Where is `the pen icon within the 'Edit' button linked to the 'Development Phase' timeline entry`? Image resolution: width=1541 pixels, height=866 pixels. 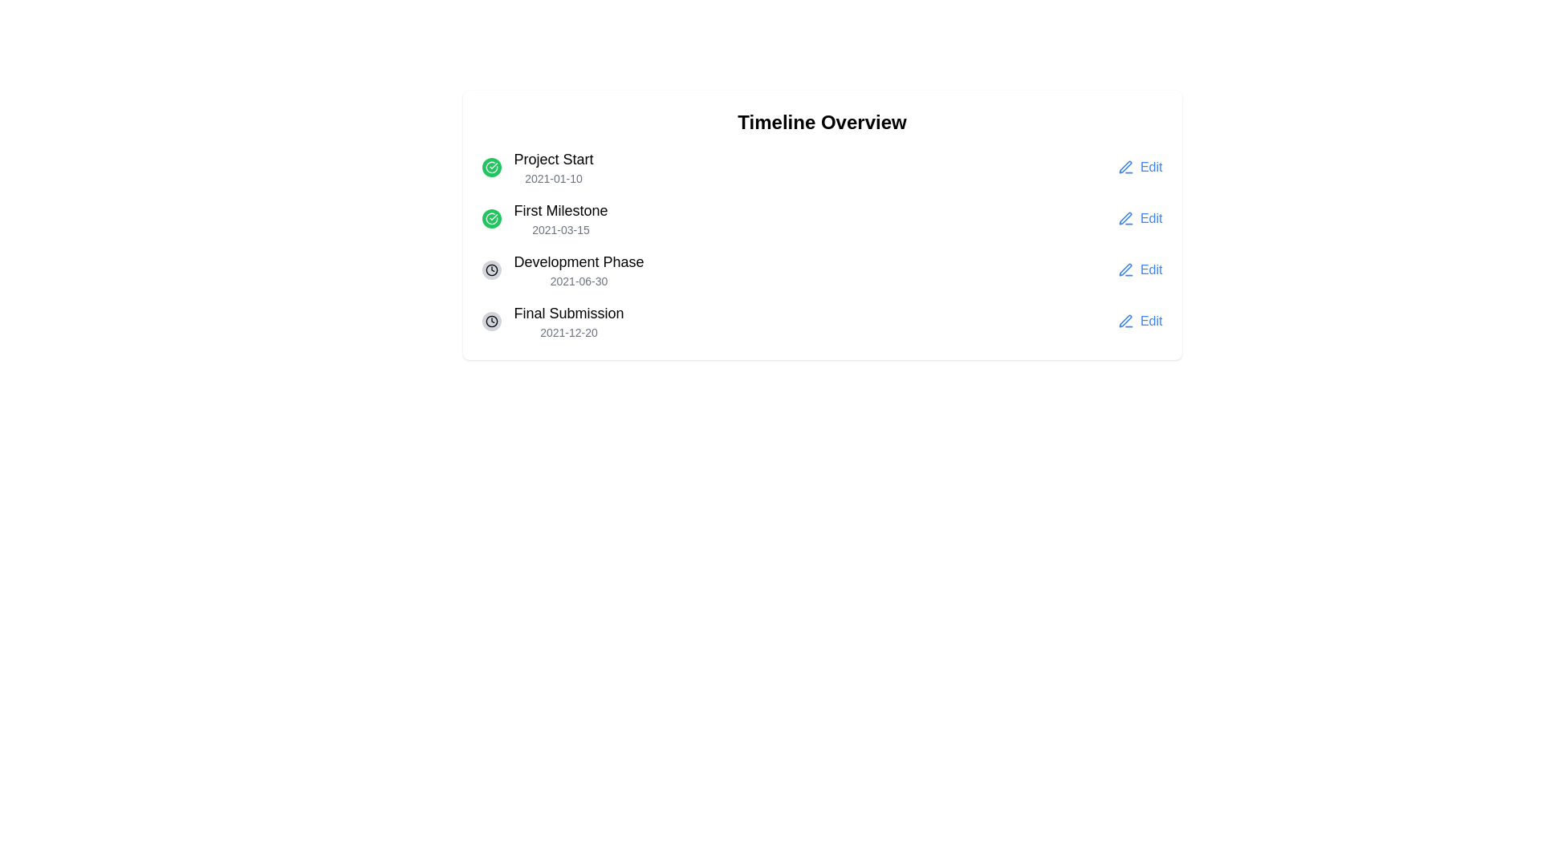
the pen icon within the 'Edit' button linked to the 'Development Phase' timeline entry is located at coordinates (1124, 269).